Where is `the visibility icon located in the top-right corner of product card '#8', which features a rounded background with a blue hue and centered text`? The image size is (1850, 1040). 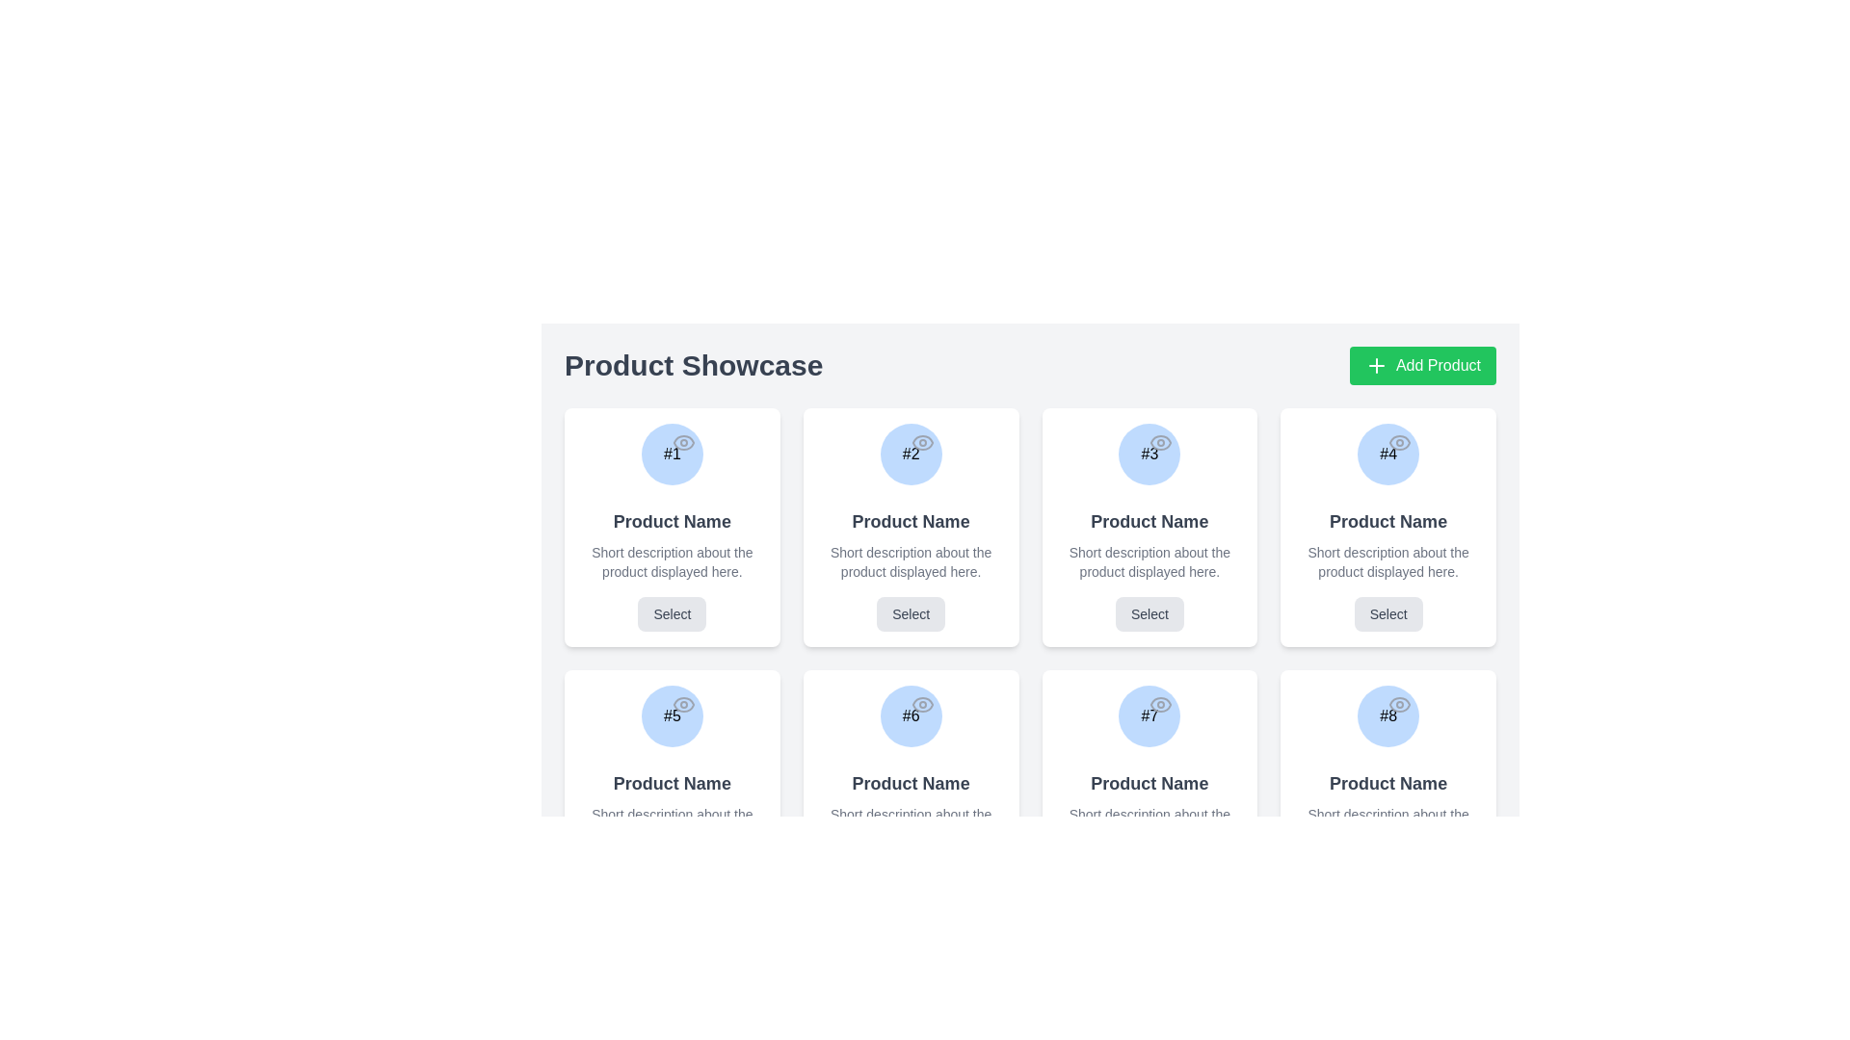 the visibility icon located in the top-right corner of product card '#8', which features a rounded background with a blue hue and centered text is located at coordinates (1400, 705).